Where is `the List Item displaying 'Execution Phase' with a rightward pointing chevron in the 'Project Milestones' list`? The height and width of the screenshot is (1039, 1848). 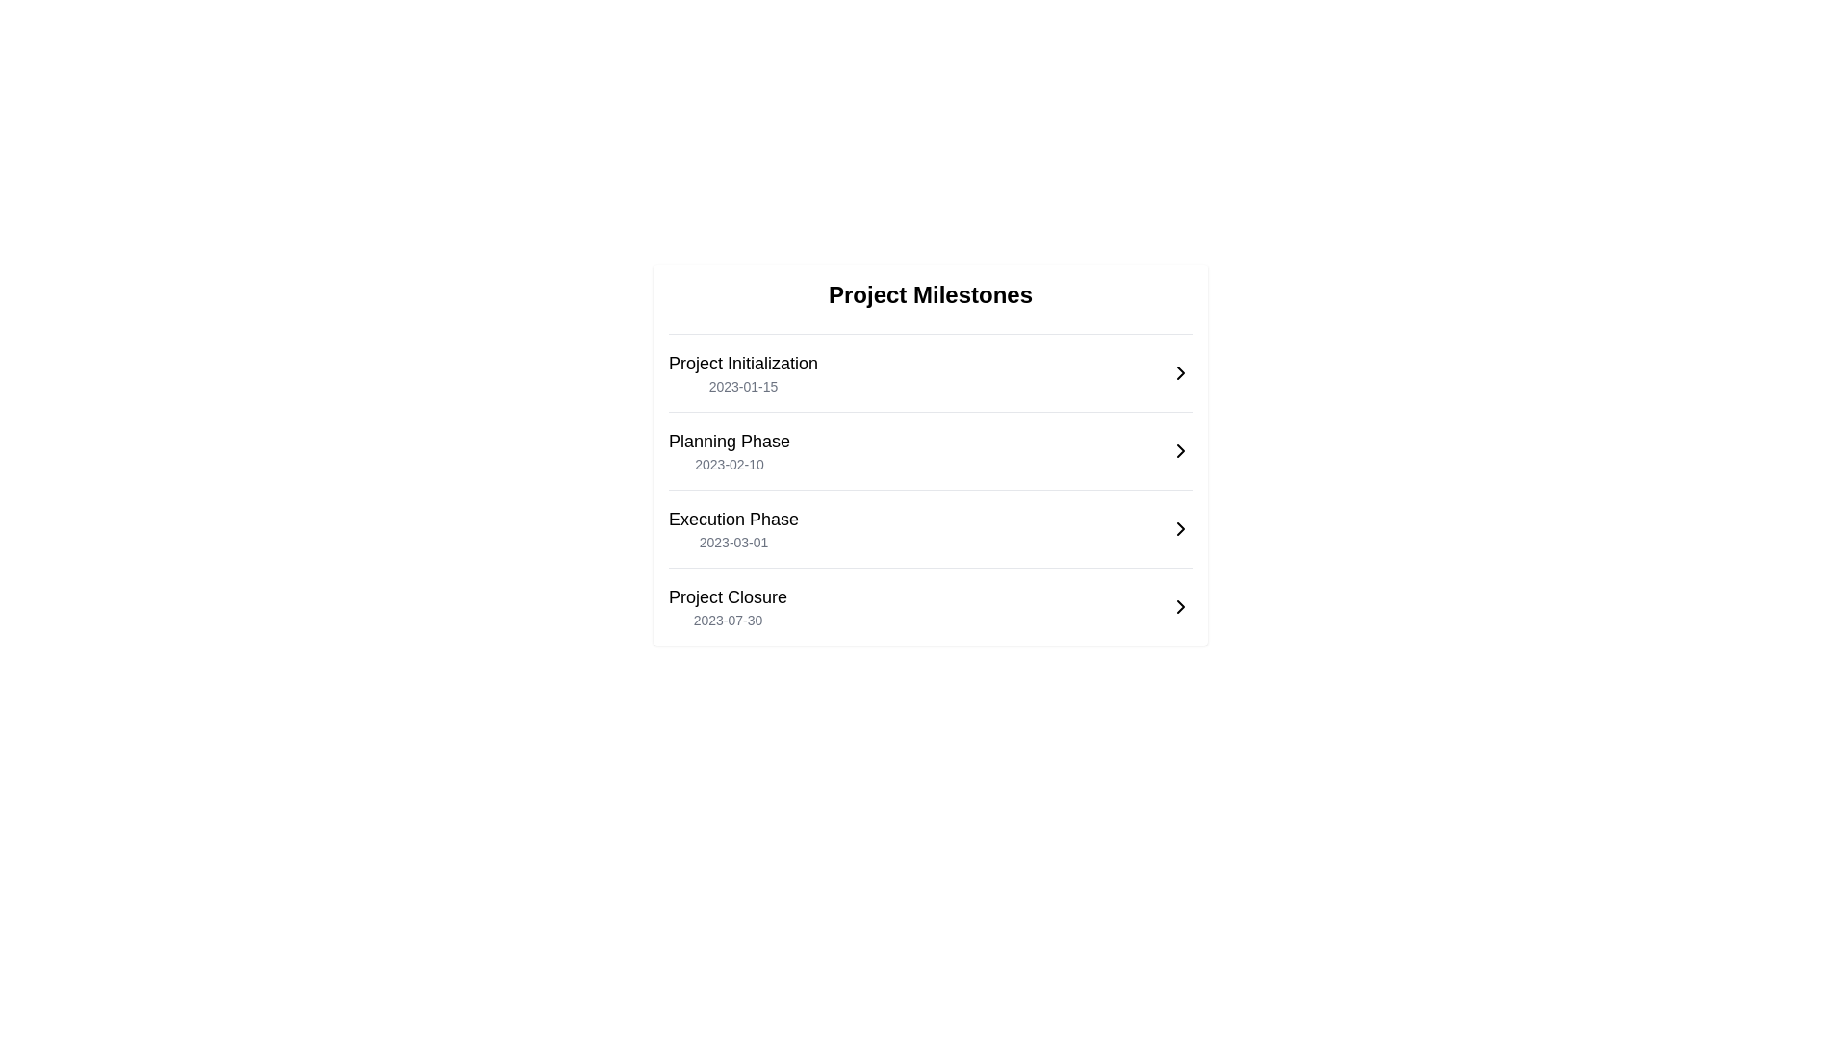
the List Item displaying 'Execution Phase' with a rightward pointing chevron in the 'Project Milestones' list is located at coordinates (930, 520).